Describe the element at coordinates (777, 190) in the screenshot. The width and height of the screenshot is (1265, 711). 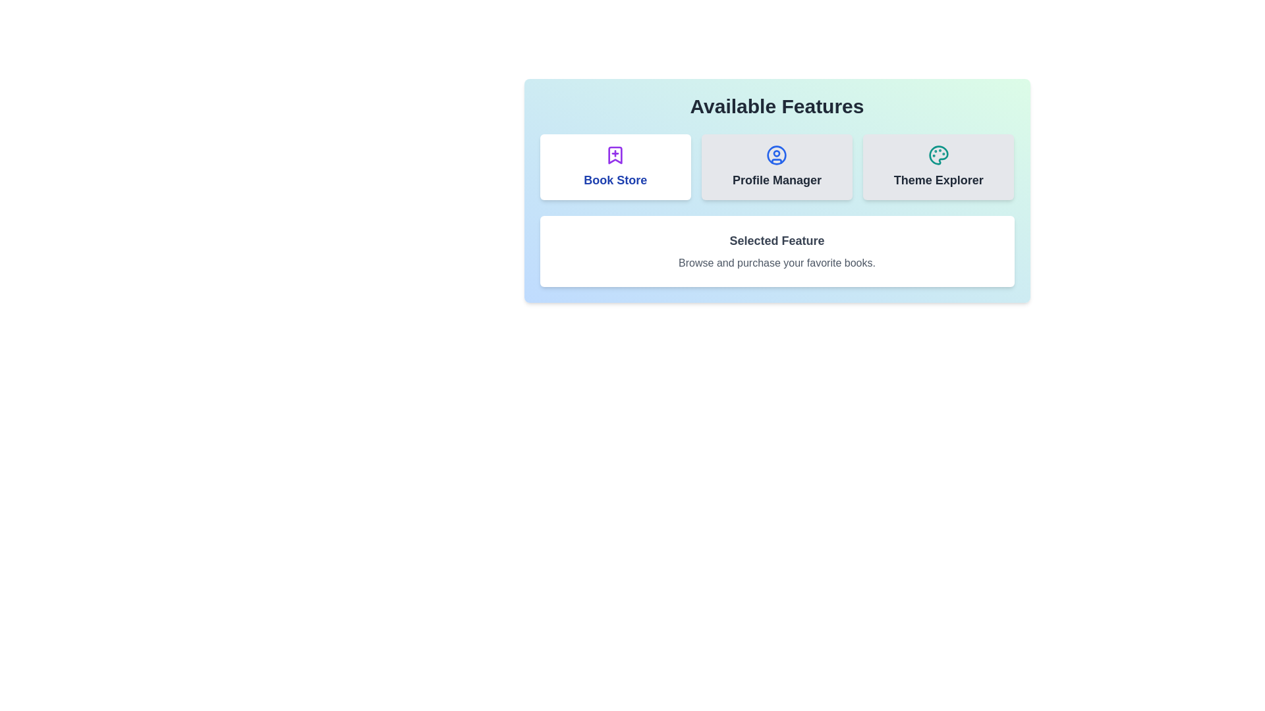
I see `the buttons in the 'Available Features' panel to trigger visual interactions such as hover animations` at that location.